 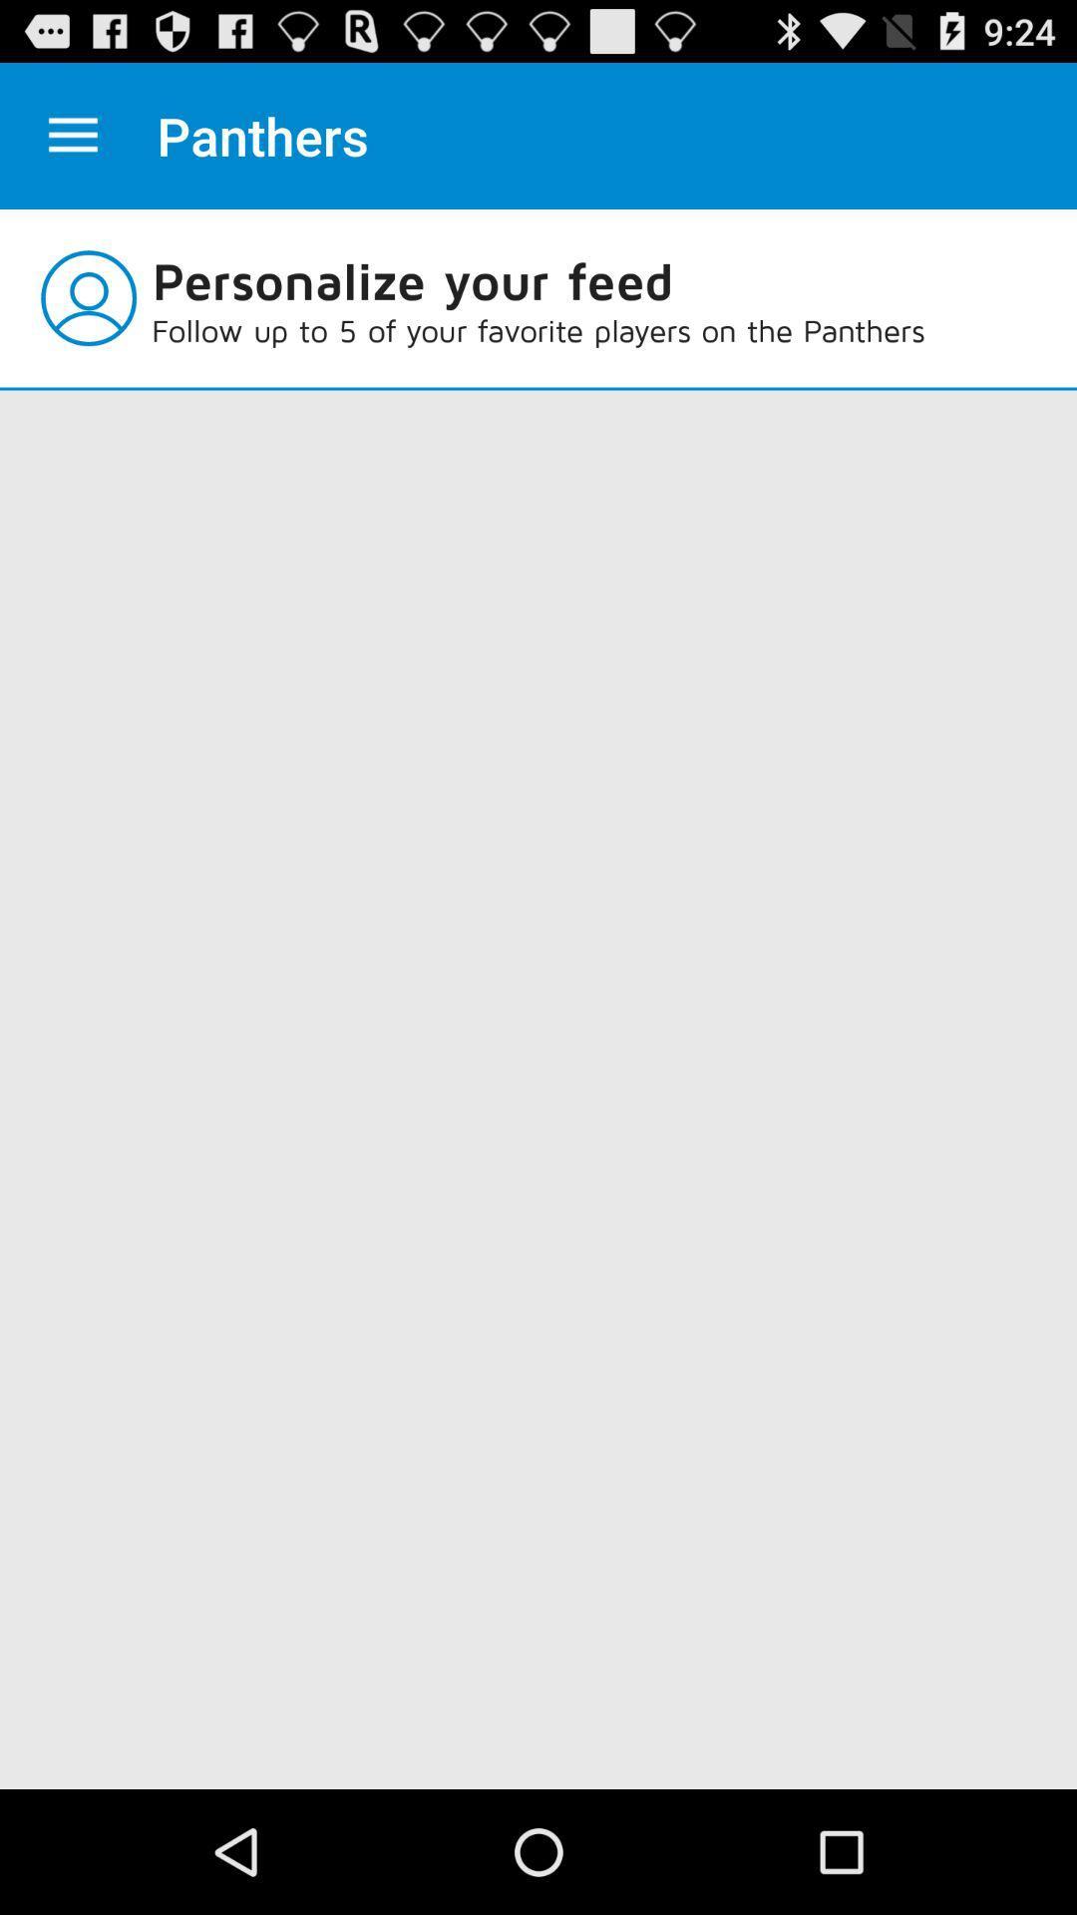 What do you see at coordinates (72, 135) in the screenshot?
I see `the icon to the left of panthers` at bounding box center [72, 135].